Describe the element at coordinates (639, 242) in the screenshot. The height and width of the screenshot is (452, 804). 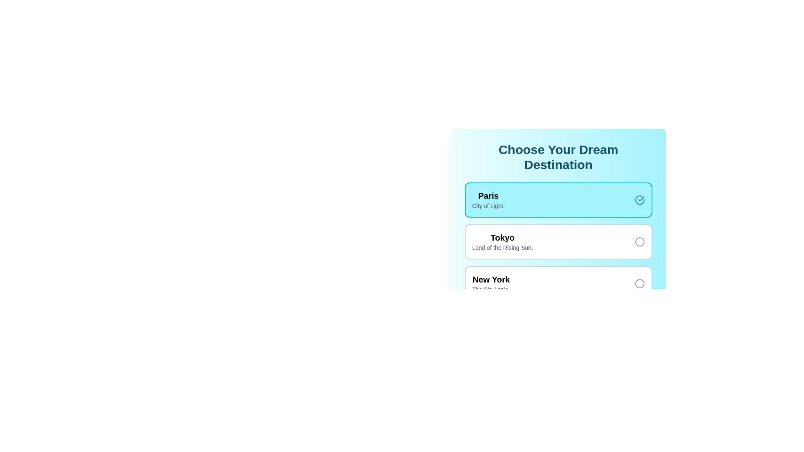
I see `the selectable radio button located to the far right of the 'Tokyo' section` at that location.